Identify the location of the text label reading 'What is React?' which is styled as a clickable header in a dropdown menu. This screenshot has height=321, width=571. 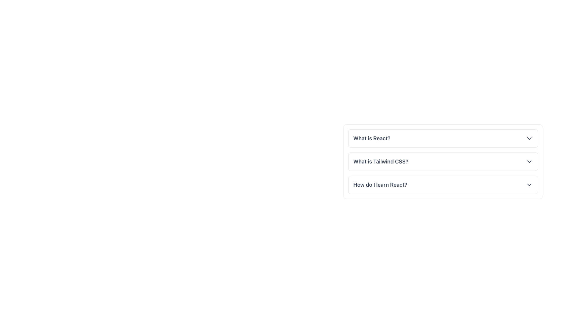
(371, 139).